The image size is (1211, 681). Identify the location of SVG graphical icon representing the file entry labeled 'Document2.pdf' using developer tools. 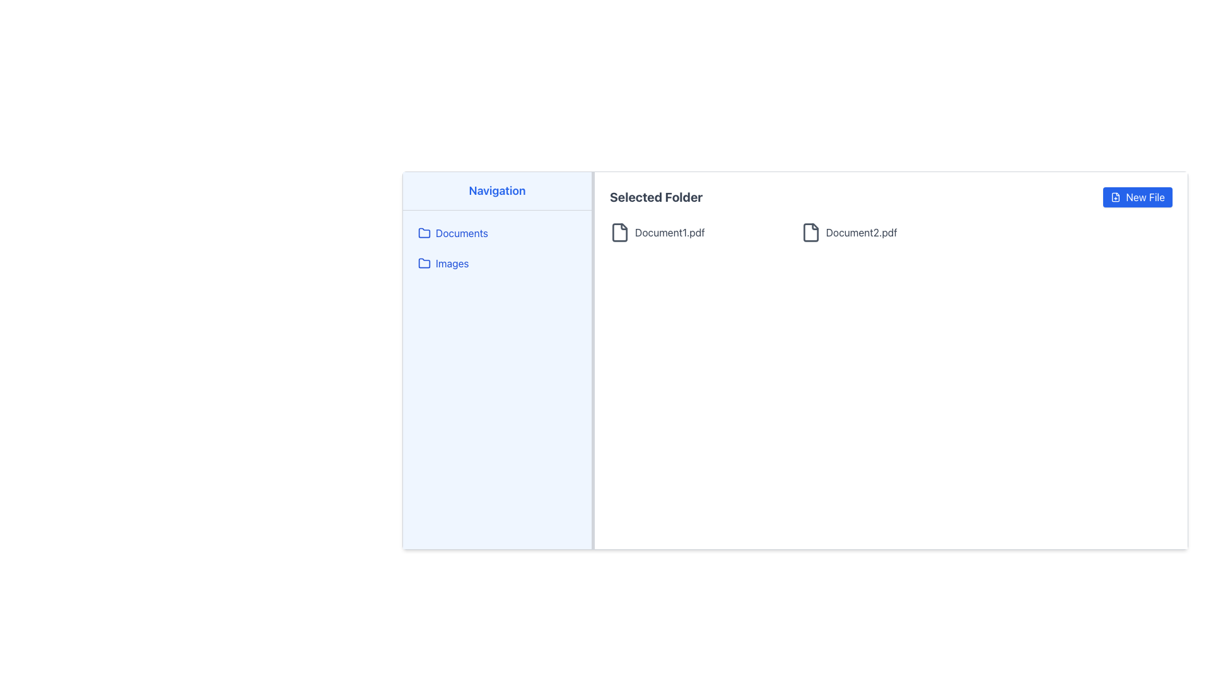
(810, 233).